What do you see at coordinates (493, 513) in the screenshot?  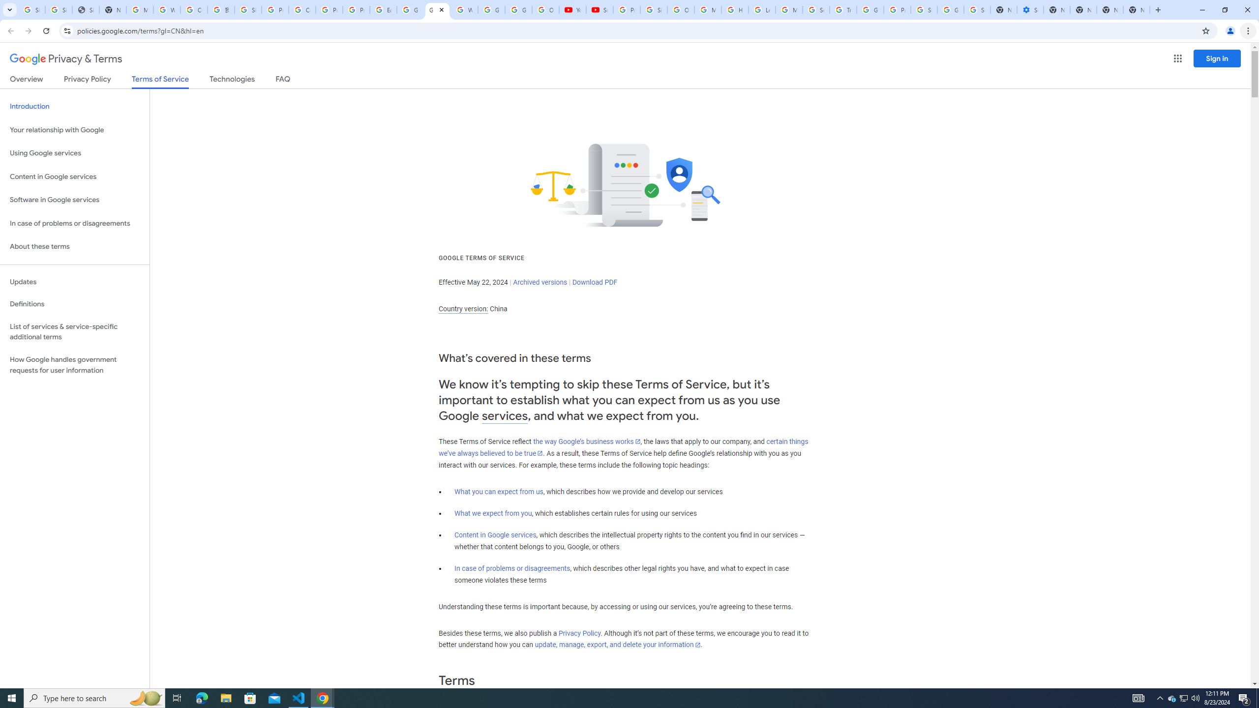 I see `'What we expect from you'` at bounding box center [493, 513].